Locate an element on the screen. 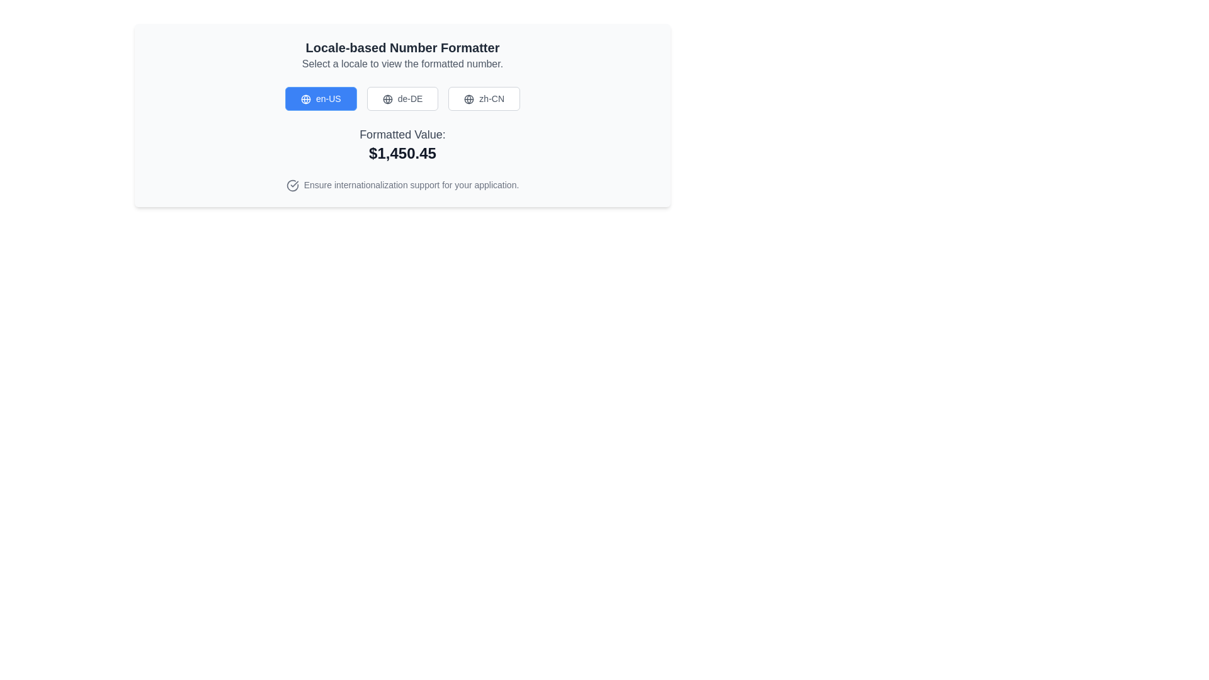  the text element displaying a monetary value, which is styled with a large font size, bold weight, and dark-gray color, located directly below the text 'Formatted Value:' and centered horizontally is located at coordinates (402, 152).